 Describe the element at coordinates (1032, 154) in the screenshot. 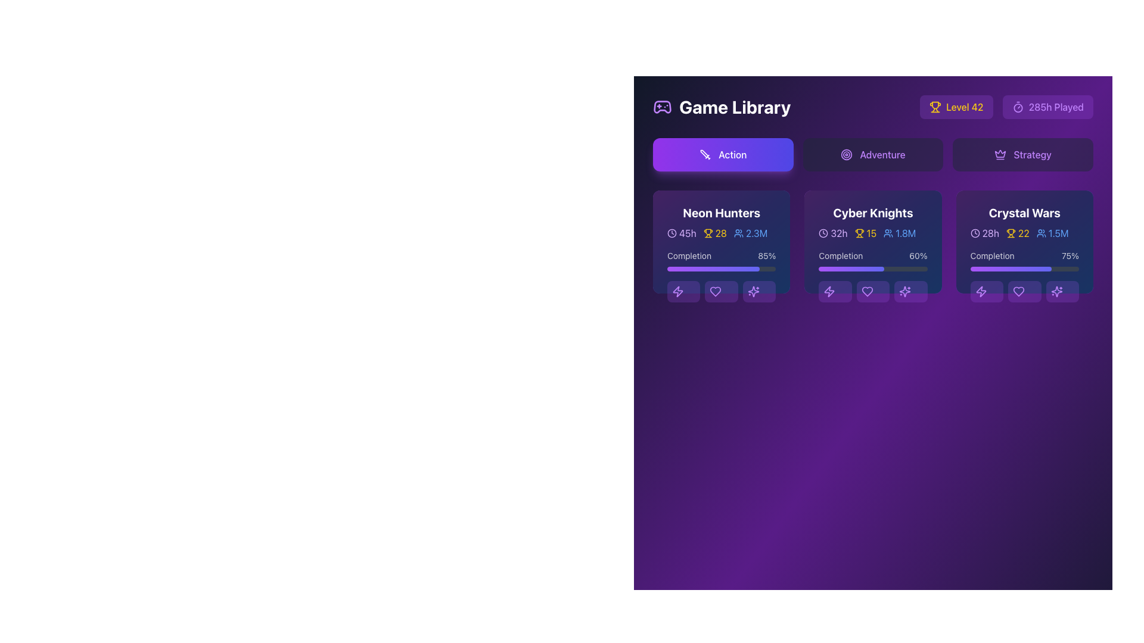

I see `the text label displaying 'Strategy' in purple` at that location.